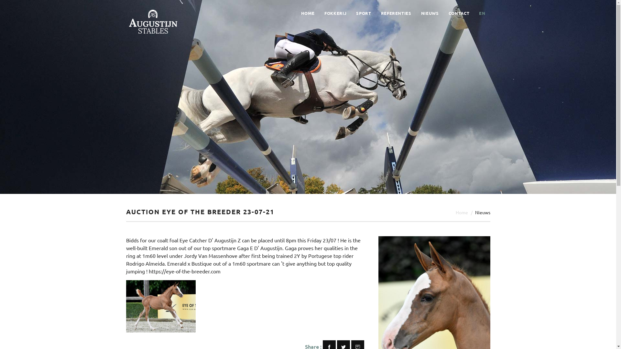 The width and height of the screenshot is (621, 349). I want to click on 'FOKKERIJ', so click(335, 13).